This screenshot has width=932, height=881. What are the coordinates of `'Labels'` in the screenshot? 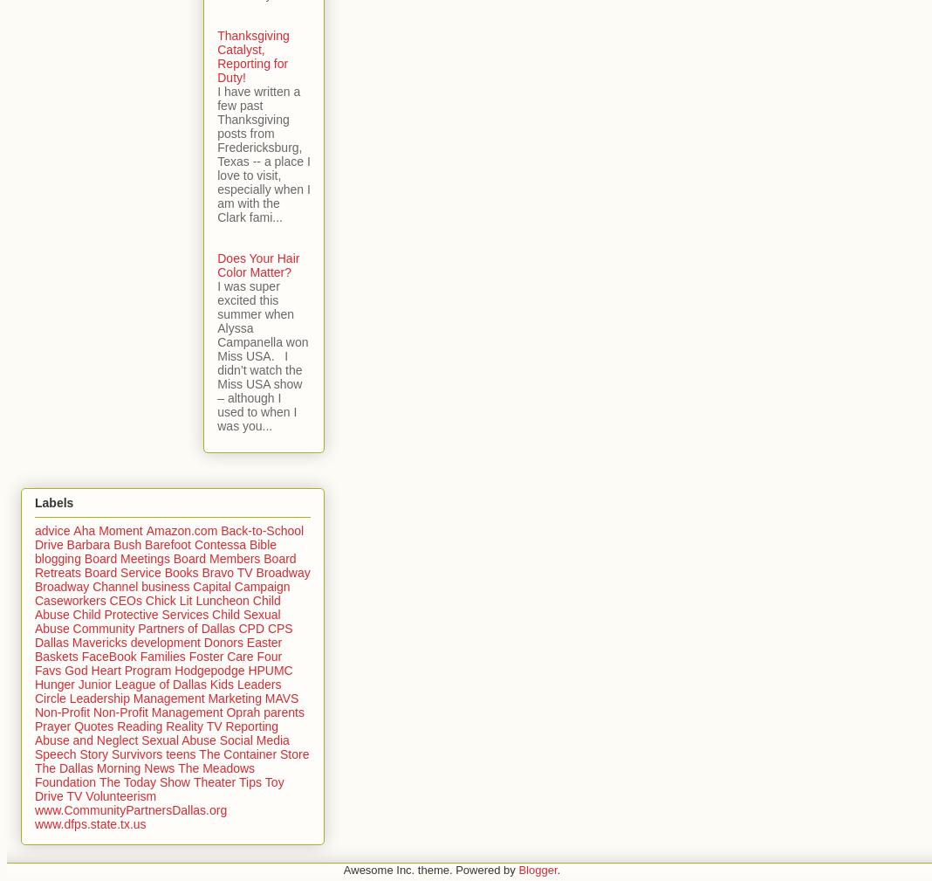 It's located at (53, 503).